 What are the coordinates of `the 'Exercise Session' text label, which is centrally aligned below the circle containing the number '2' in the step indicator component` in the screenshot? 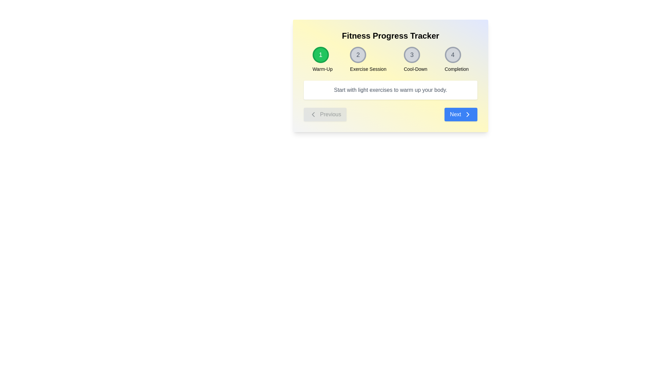 It's located at (368, 69).